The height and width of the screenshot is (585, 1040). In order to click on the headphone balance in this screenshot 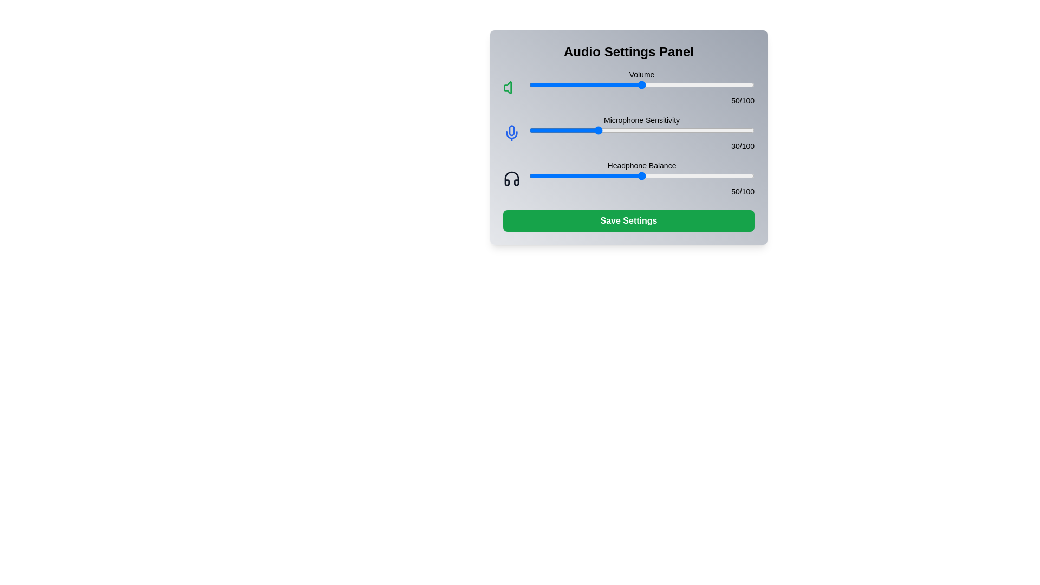, I will do `click(695, 175)`.